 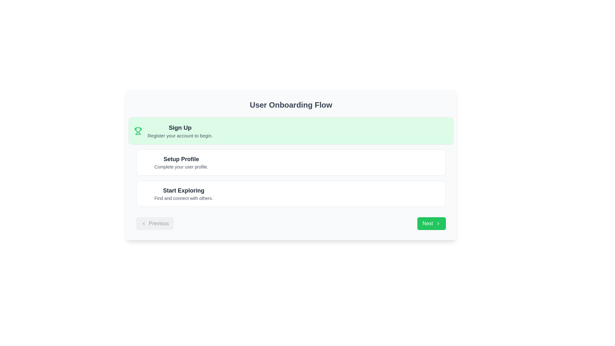 What do you see at coordinates (181, 159) in the screenshot?
I see `the bold 'Setup Profile' text that is centrally aligned and located below the 'Sign Up' section, above the subtitle 'Complete your user profile'` at bounding box center [181, 159].